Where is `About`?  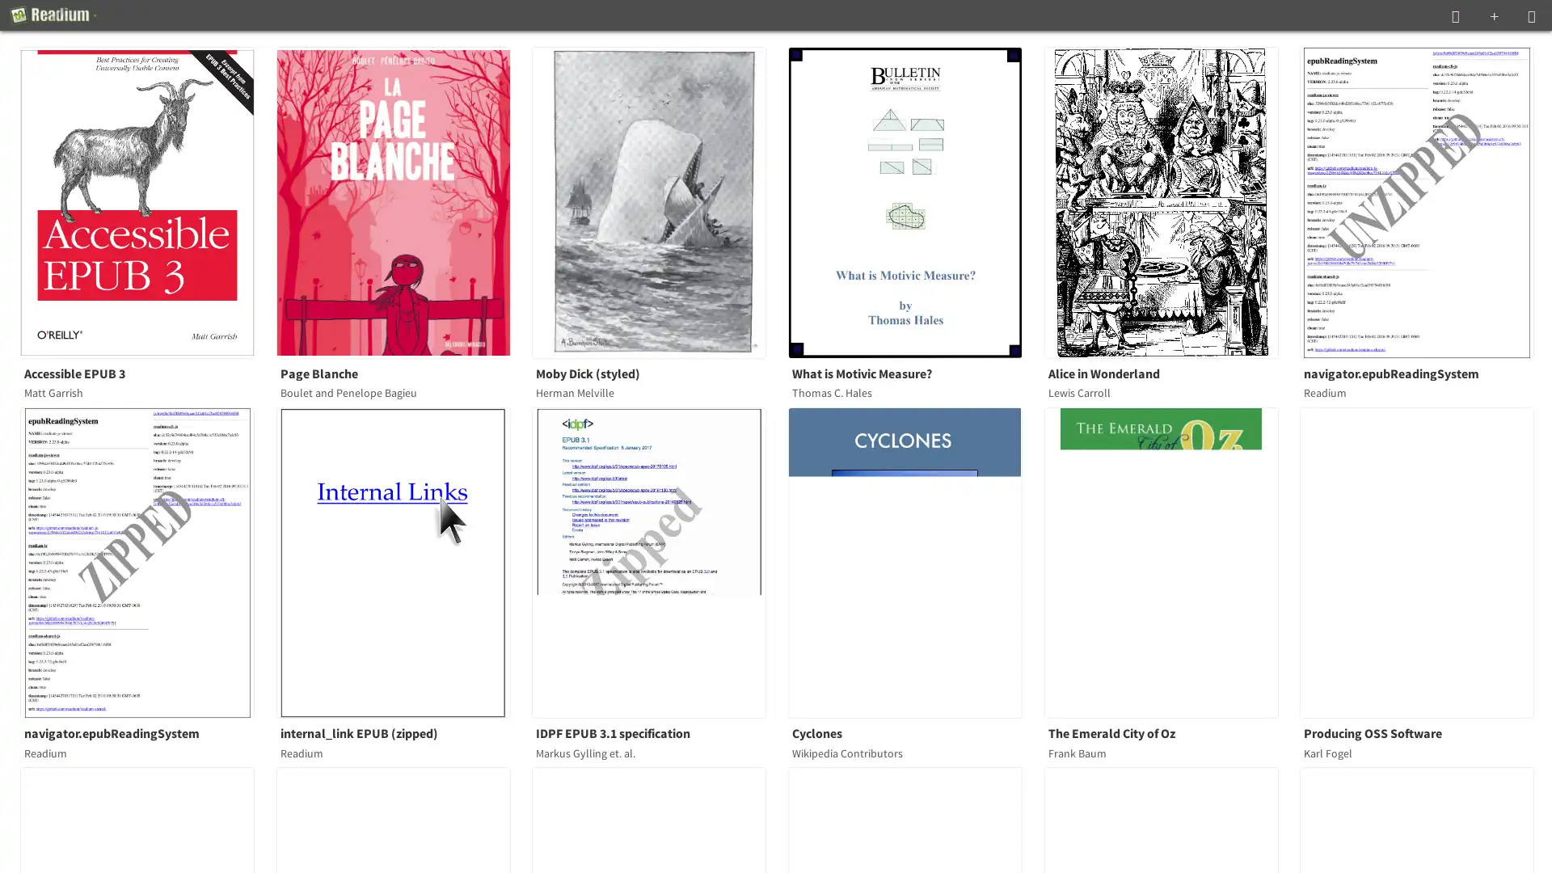 About is located at coordinates (53, 15).